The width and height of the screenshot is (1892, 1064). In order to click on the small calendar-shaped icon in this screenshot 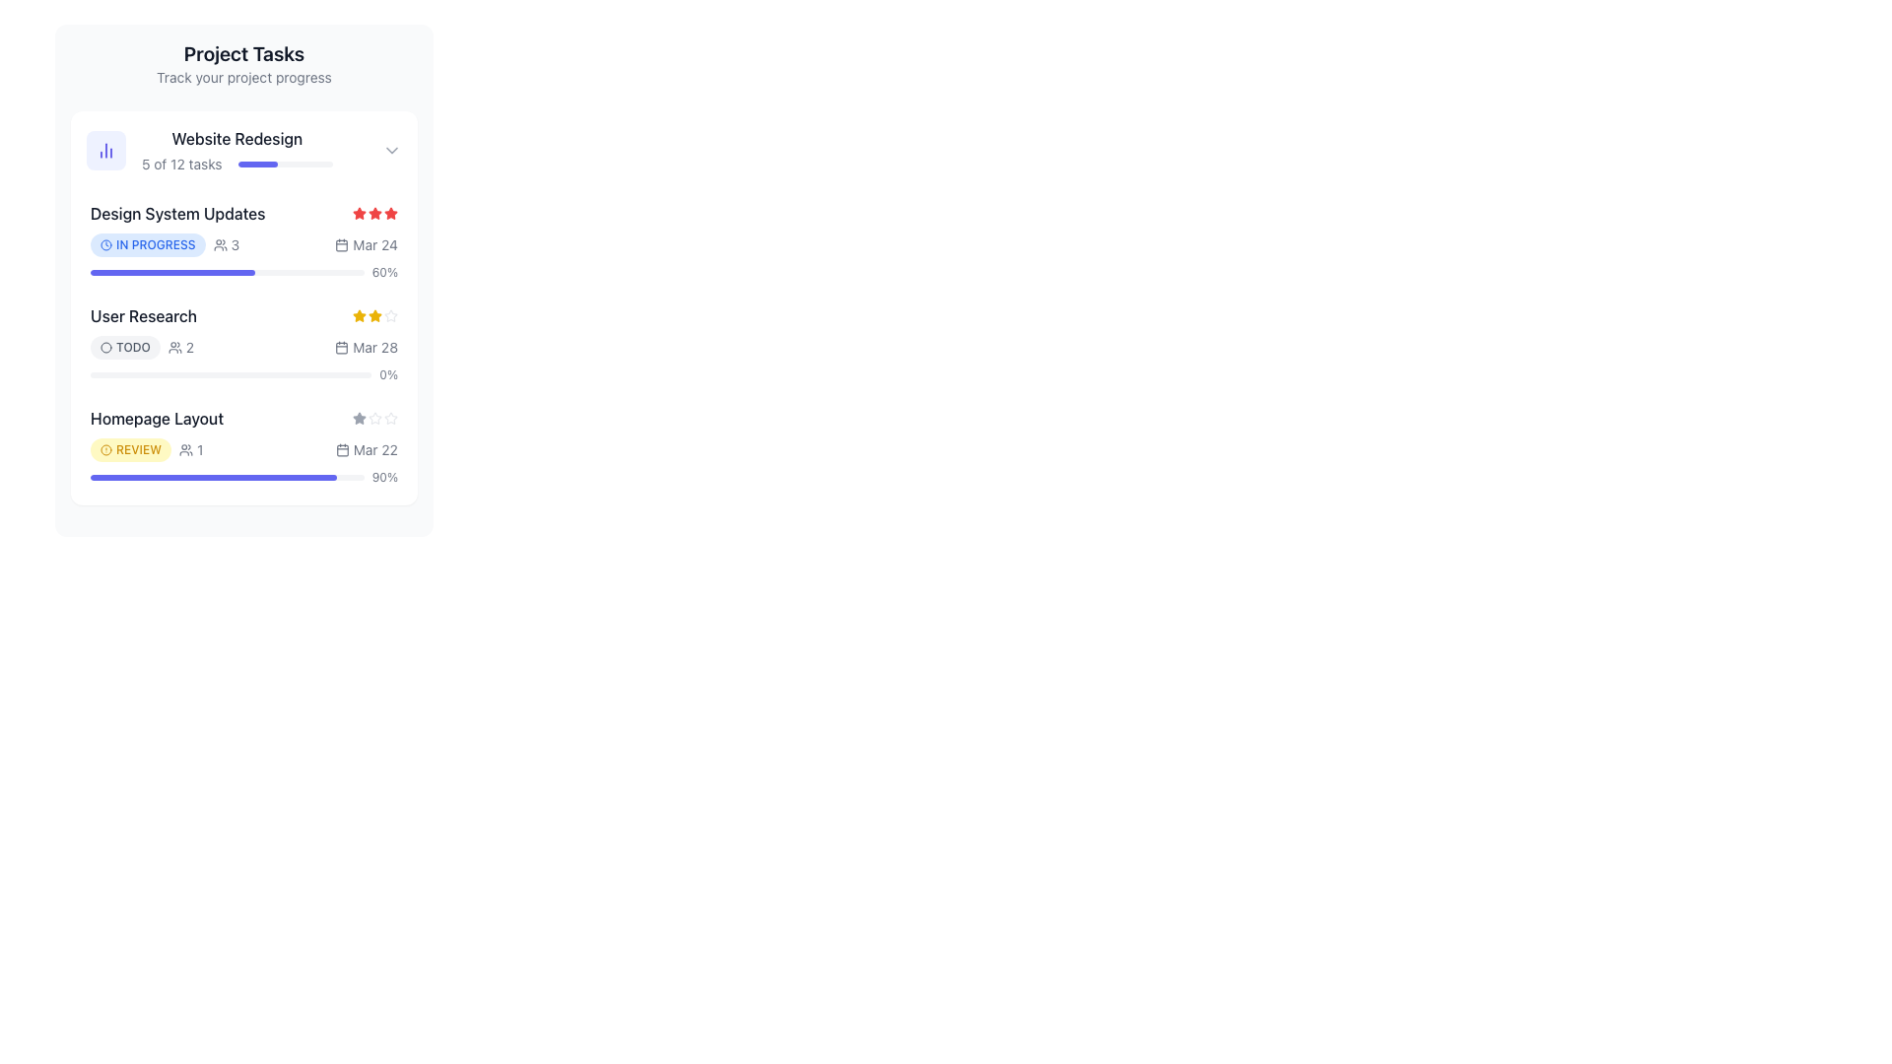, I will do `click(342, 449)`.